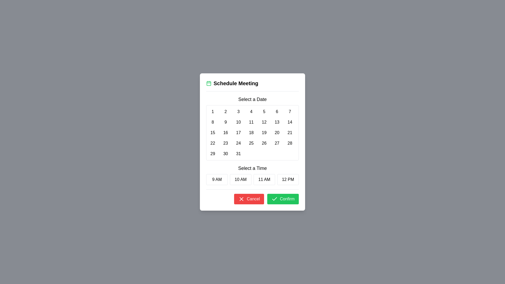  What do you see at coordinates (290, 133) in the screenshot?
I see `the date selection button for the 21st in the displayed month within the 'Schedule Meeting' modal` at bounding box center [290, 133].